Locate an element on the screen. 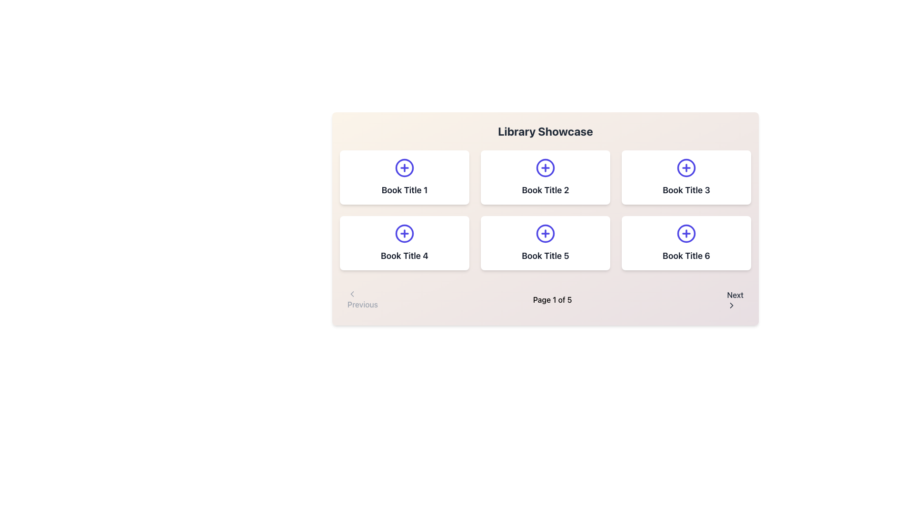 Image resolution: width=914 pixels, height=514 pixels. the circular button with a plus sign ('+') in the card labeled 'Book Title 3' is located at coordinates (686, 168).